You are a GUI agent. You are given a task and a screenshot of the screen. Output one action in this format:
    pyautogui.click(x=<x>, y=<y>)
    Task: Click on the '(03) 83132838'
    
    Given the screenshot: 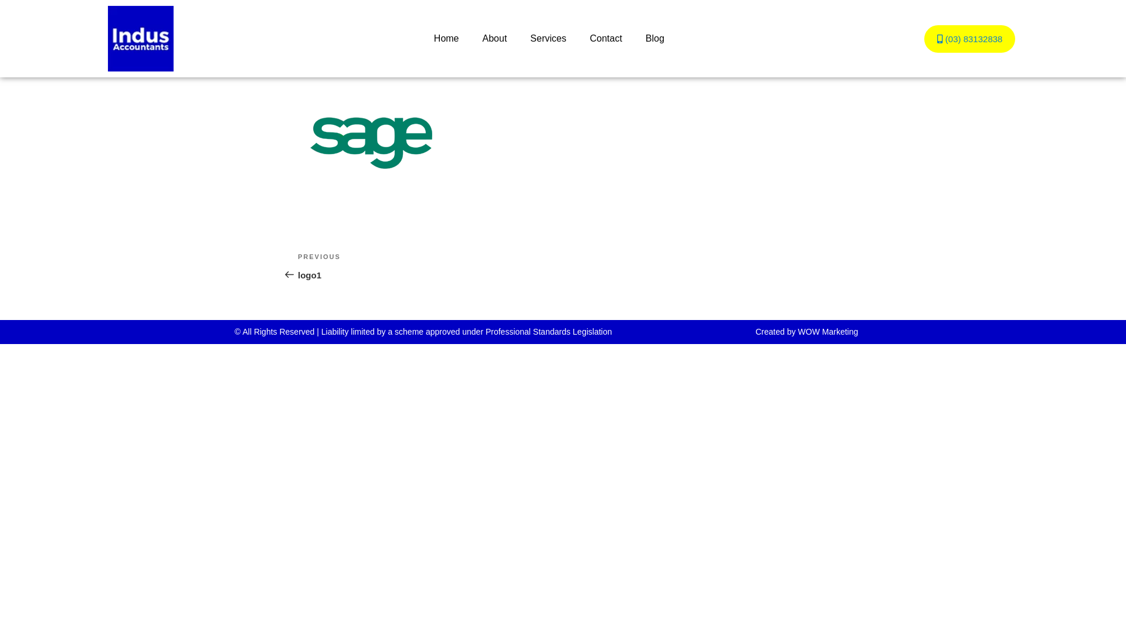 What is the action you would take?
    pyautogui.click(x=923, y=38)
    